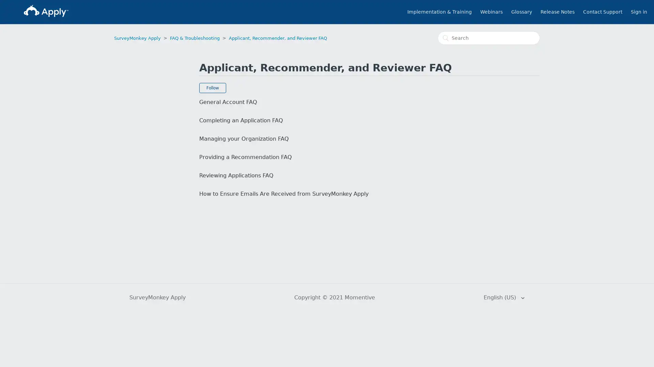  Describe the element at coordinates (212, 87) in the screenshot. I see `Follow` at that location.